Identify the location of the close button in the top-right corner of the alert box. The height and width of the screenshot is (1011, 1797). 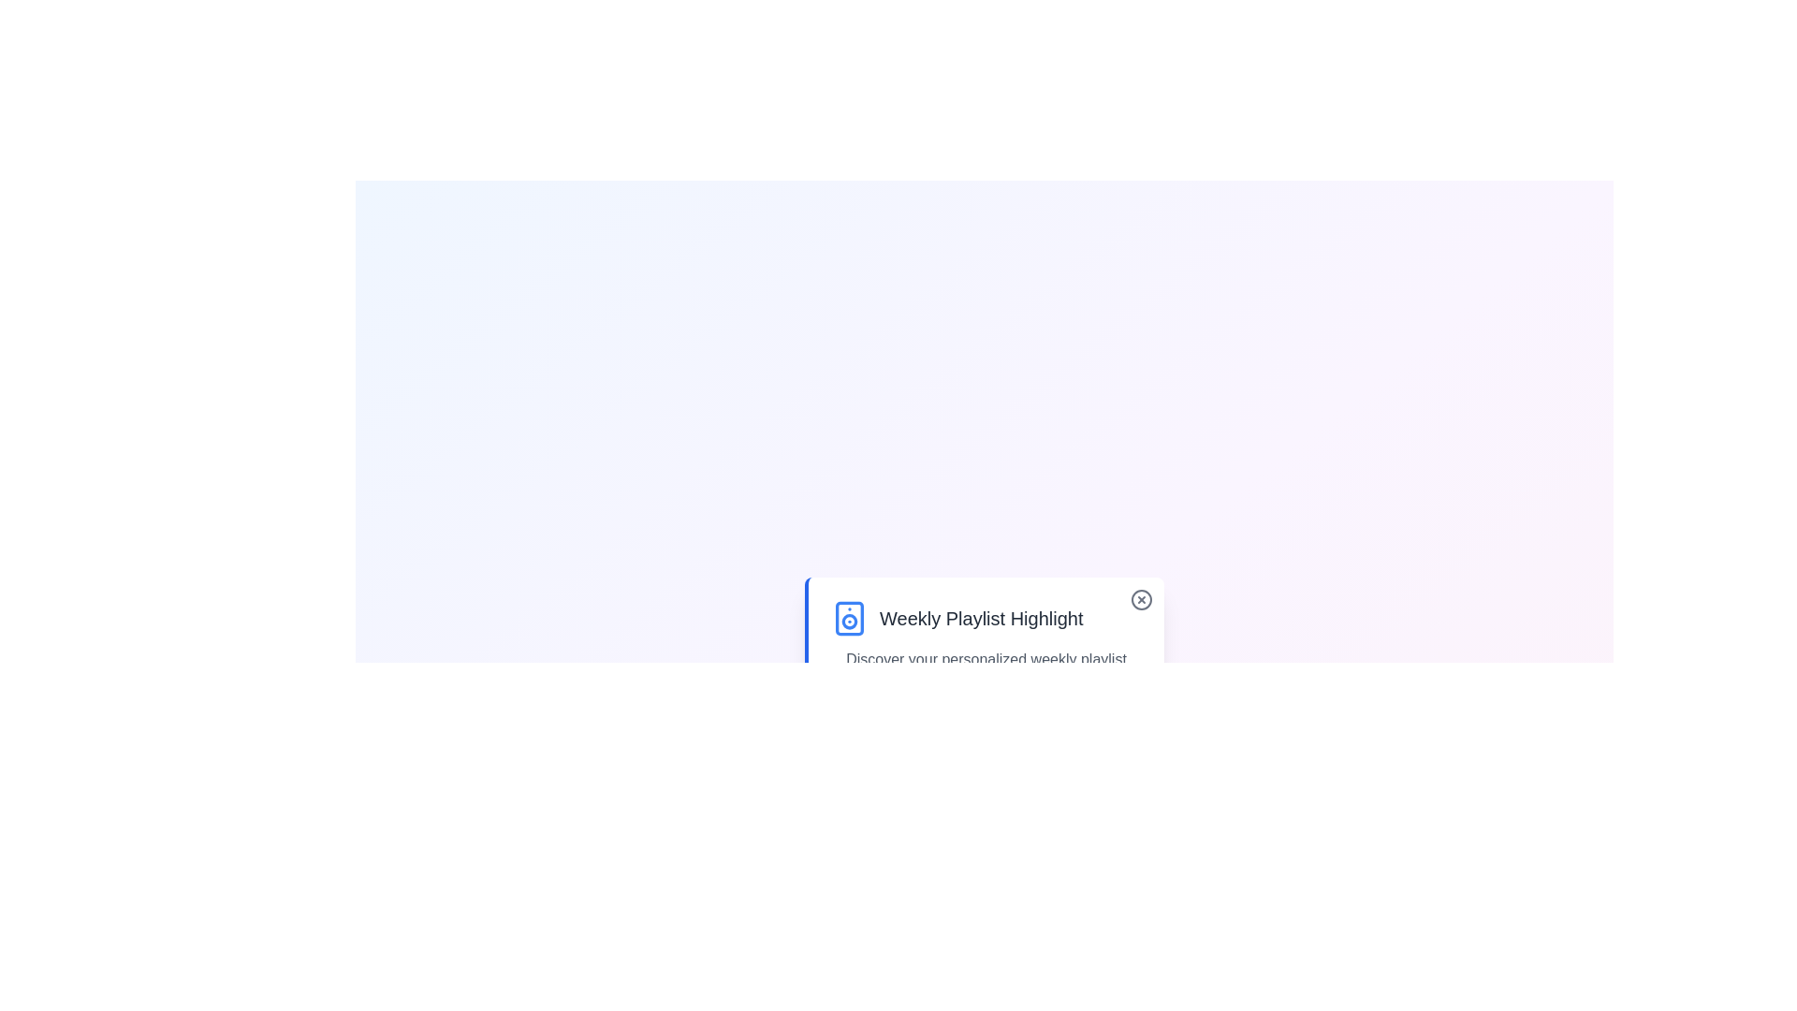
(1140, 599).